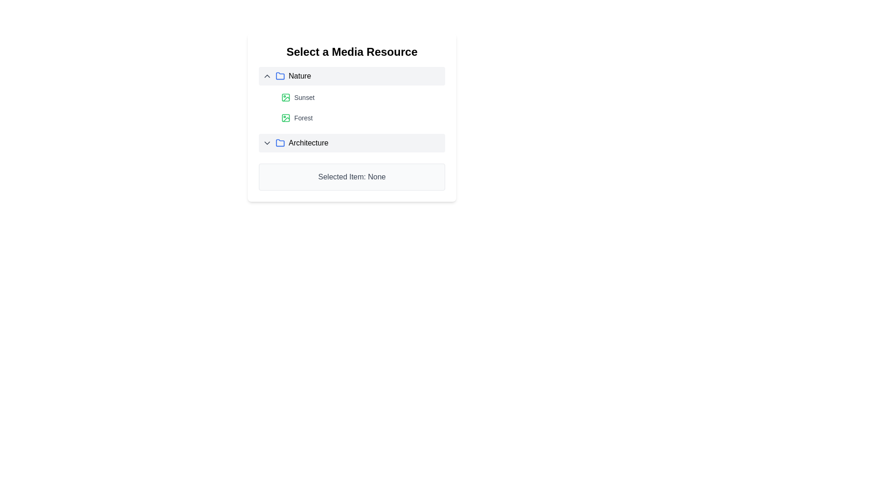 This screenshot has height=502, width=894. Describe the element at coordinates (351, 105) in the screenshot. I see `the 'Forest' item in the vertical list of selectable items under the 'Nature' category` at that location.